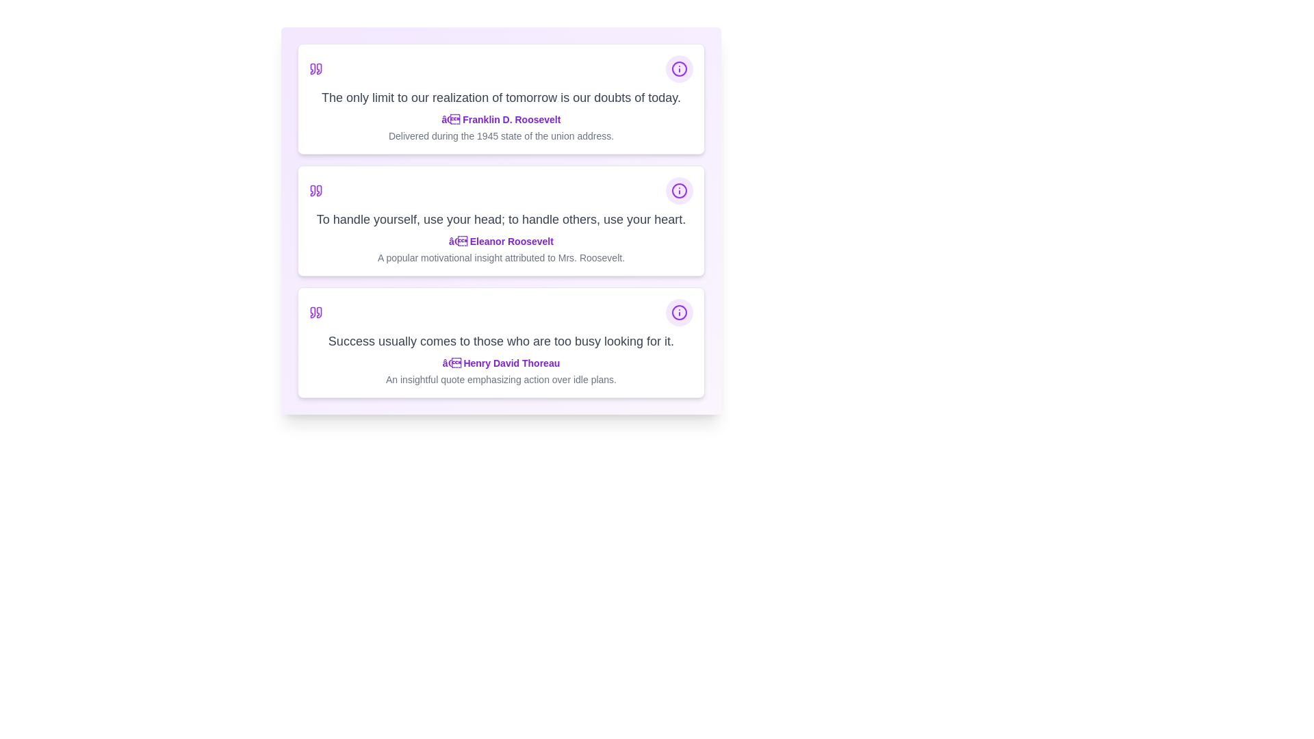 The height and width of the screenshot is (739, 1314). What do you see at coordinates (680, 68) in the screenshot?
I see `the circular purple button with an 'i' symbol located at the top right corner of the topmost card in the vertically-arranged list` at bounding box center [680, 68].